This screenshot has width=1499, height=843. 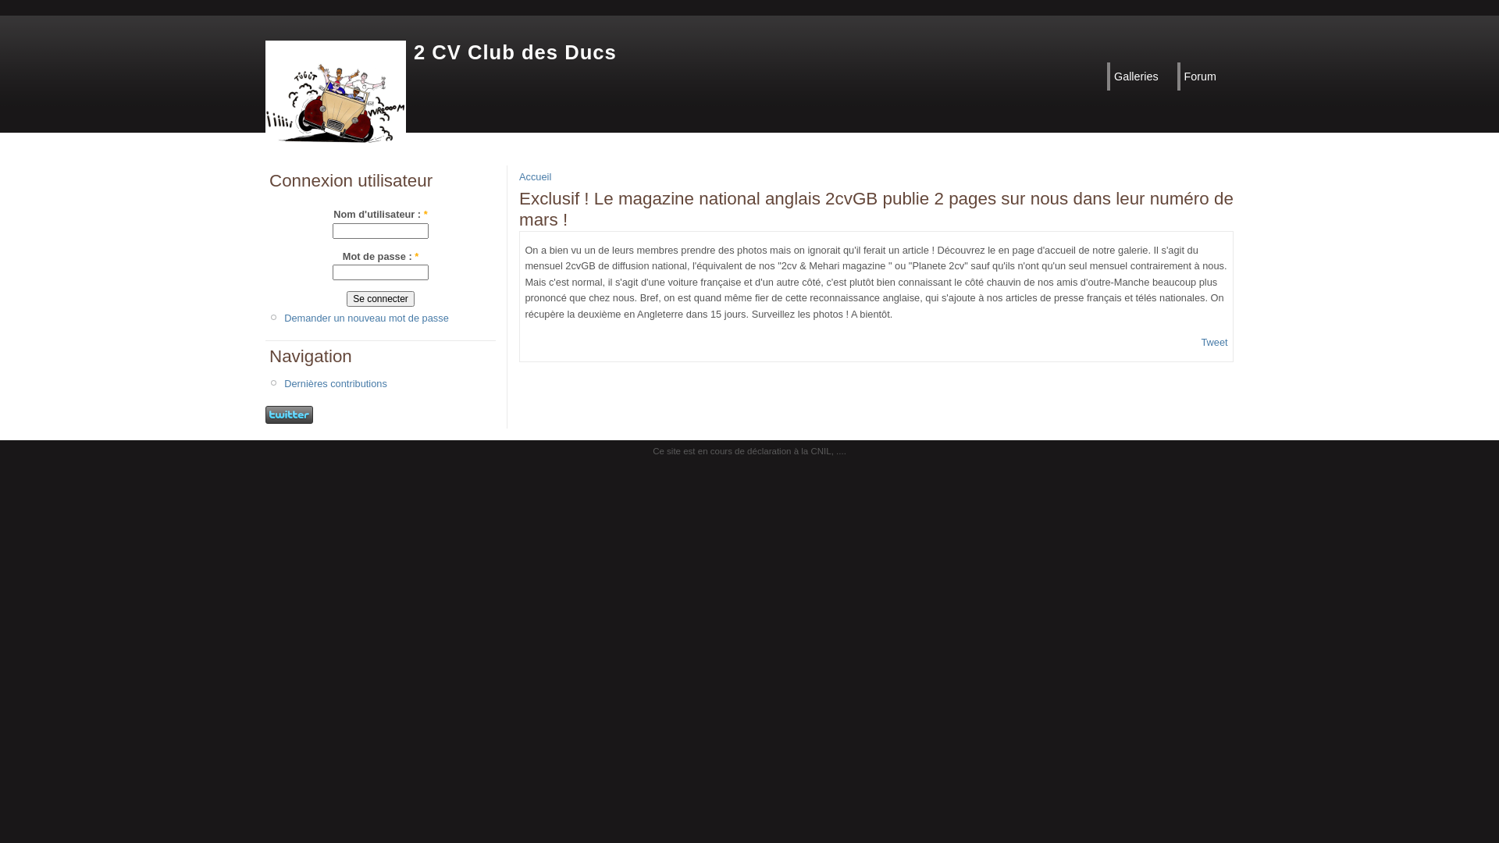 What do you see at coordinates (1213, 341) in the screenshot?
I see `'Tweet'` at bounding box center [1213, 341].